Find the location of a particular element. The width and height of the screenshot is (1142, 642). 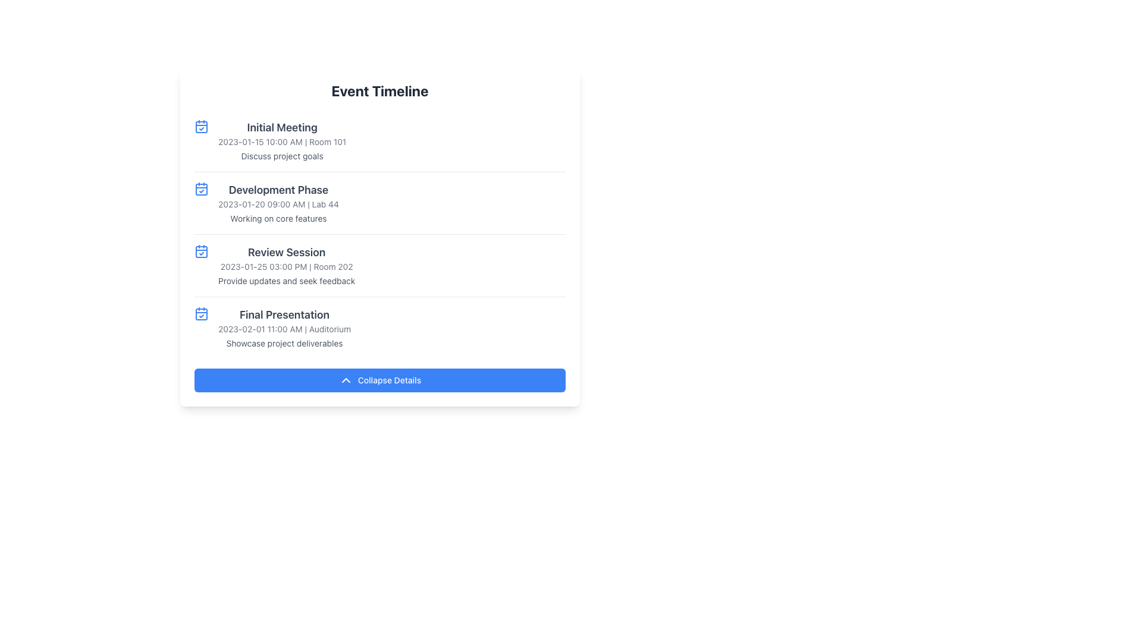

structured information block titled 'Development Phase', which includes the date '2023-01-20 09:00 AM', location 'Lab 44', and description 'Working on core features' is located at coordinates (379, 203).